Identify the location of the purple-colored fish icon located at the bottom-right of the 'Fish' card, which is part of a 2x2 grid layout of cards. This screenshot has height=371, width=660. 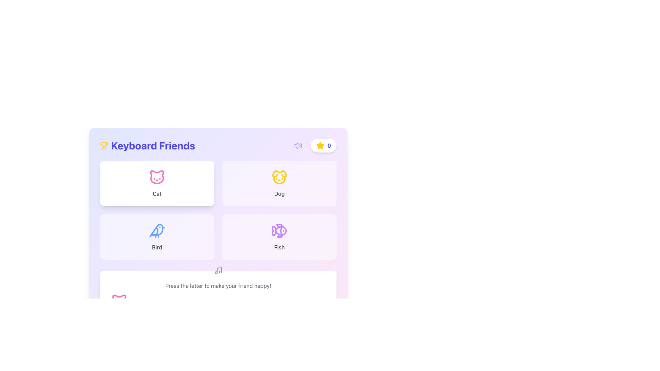
(279, 231).